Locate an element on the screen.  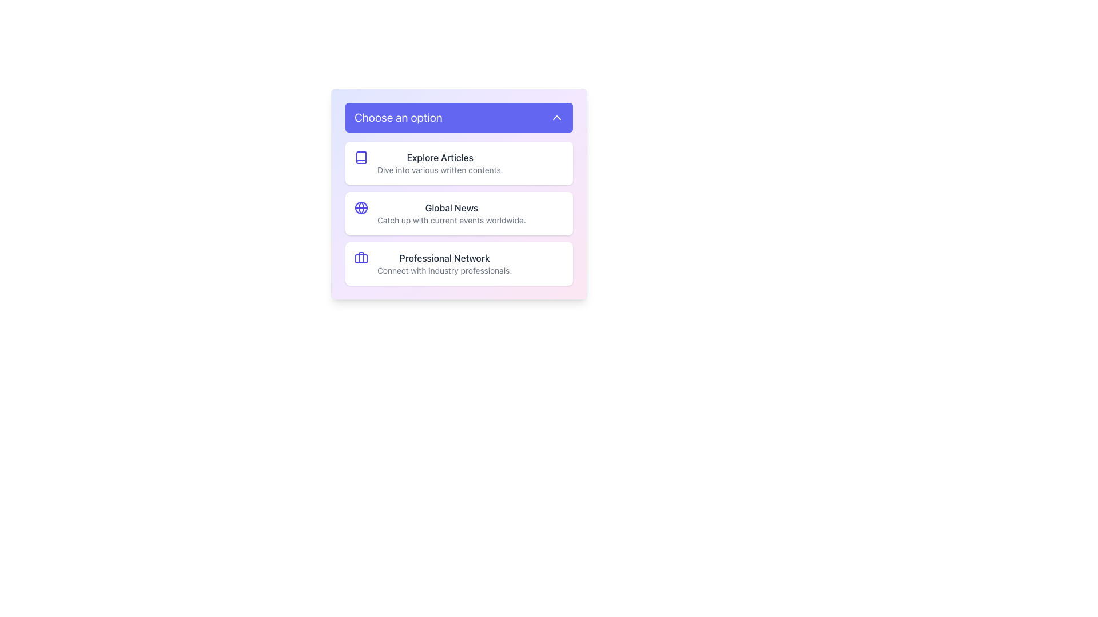
the 'Global News' text block, which contains two lines of text: 'Global News' in bold dark gray and 'Catch up with current events worldwide.' in lighter gray, located in the second item of a vertical list within a card-like interface is located at coordinates (451, 214).